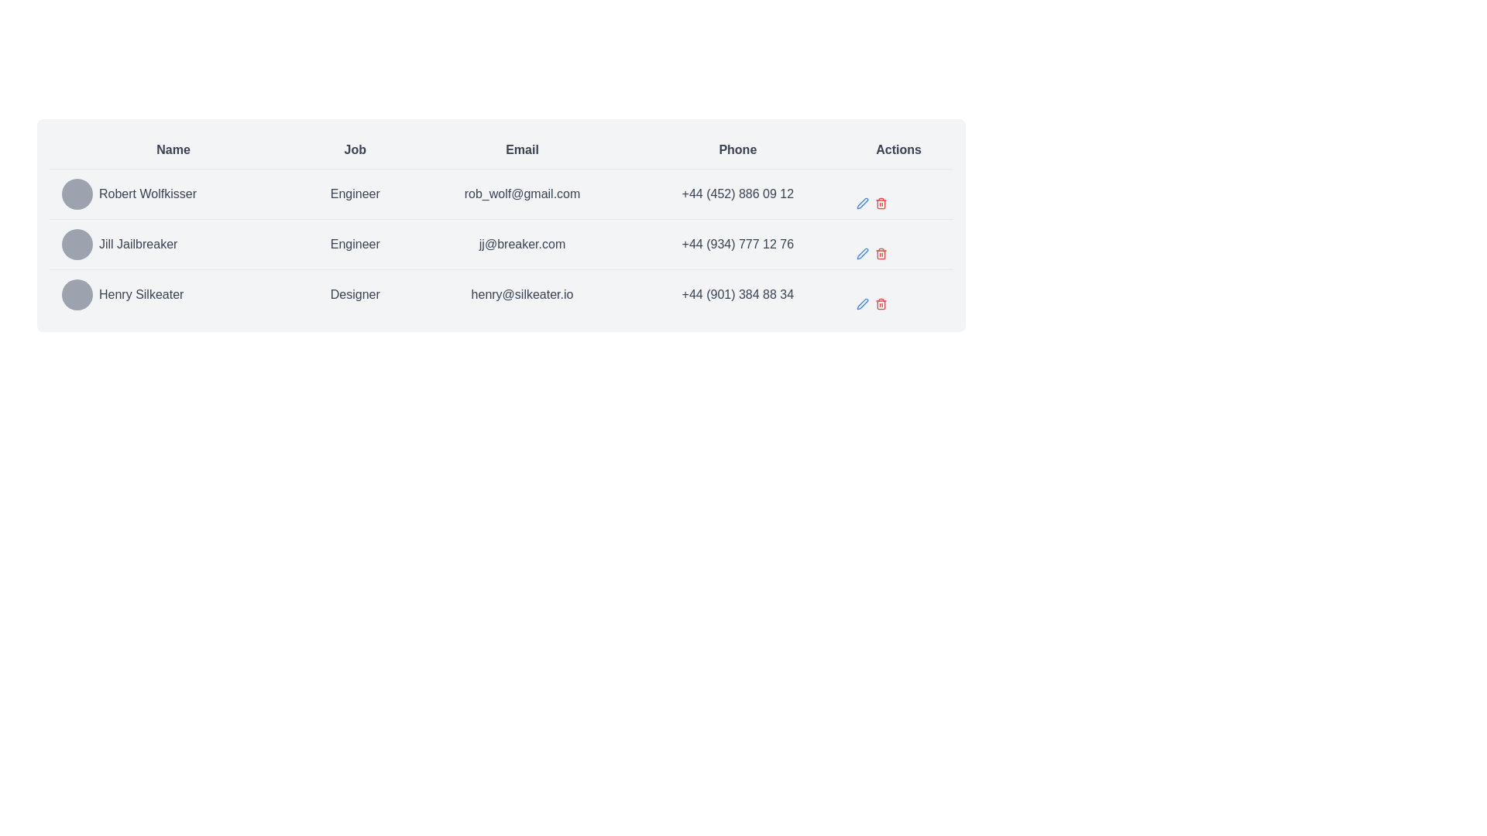  What do you see at coordinates (354, 150) in the screenshot?
I see `the header text label for the 'Job' column in the table, which is located between the 'Name' and 'Email' columns` at bounding box center [354, 150].